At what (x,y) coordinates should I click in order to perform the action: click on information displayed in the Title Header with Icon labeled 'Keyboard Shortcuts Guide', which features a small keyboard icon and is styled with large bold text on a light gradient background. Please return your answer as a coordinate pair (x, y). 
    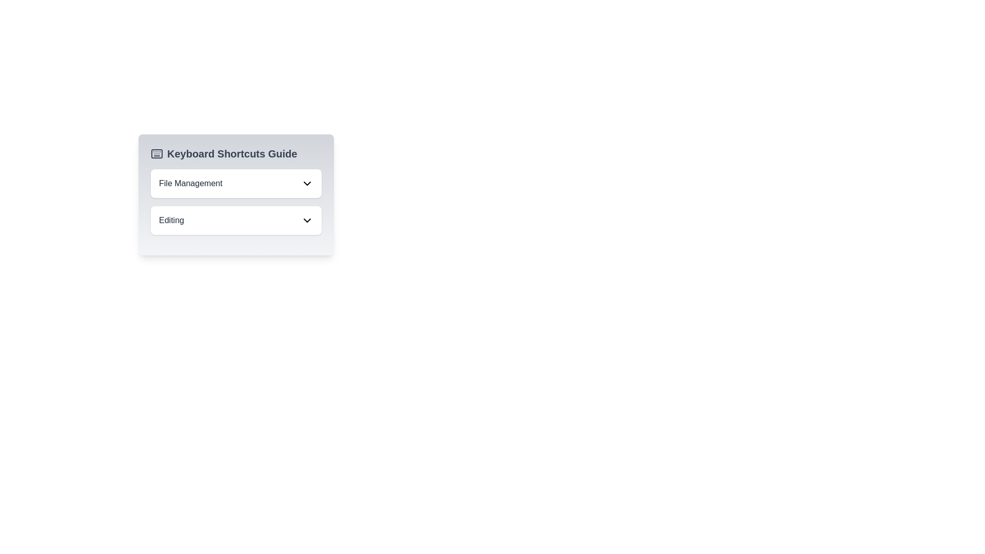
    Looking at the image, I should click on (235, 154).